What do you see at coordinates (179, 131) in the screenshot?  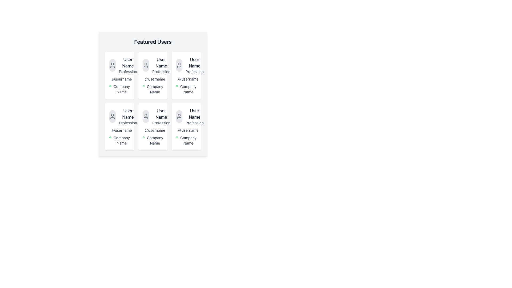 I see `the '@' icon located in the second column, third row card of the grid, positioned above the text '@username'` at bounding box center [179, 131].